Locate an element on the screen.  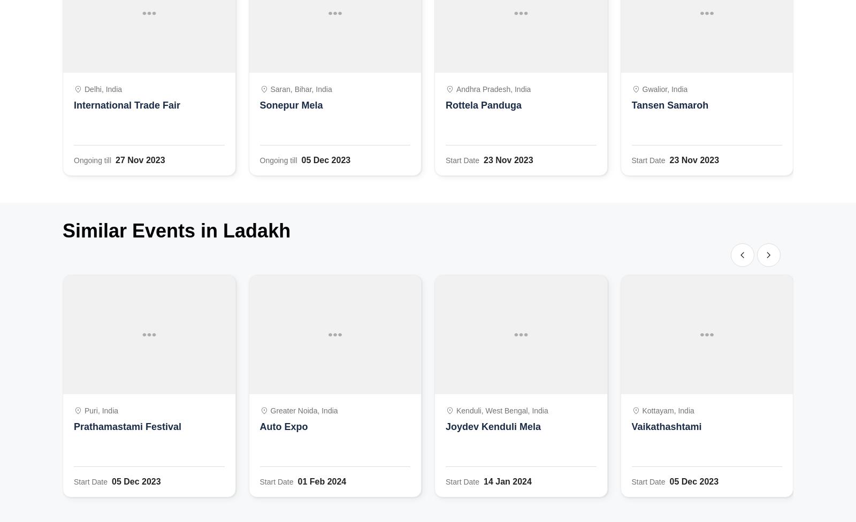
'Gwalior,  India' is located at coordinates (664, 88).